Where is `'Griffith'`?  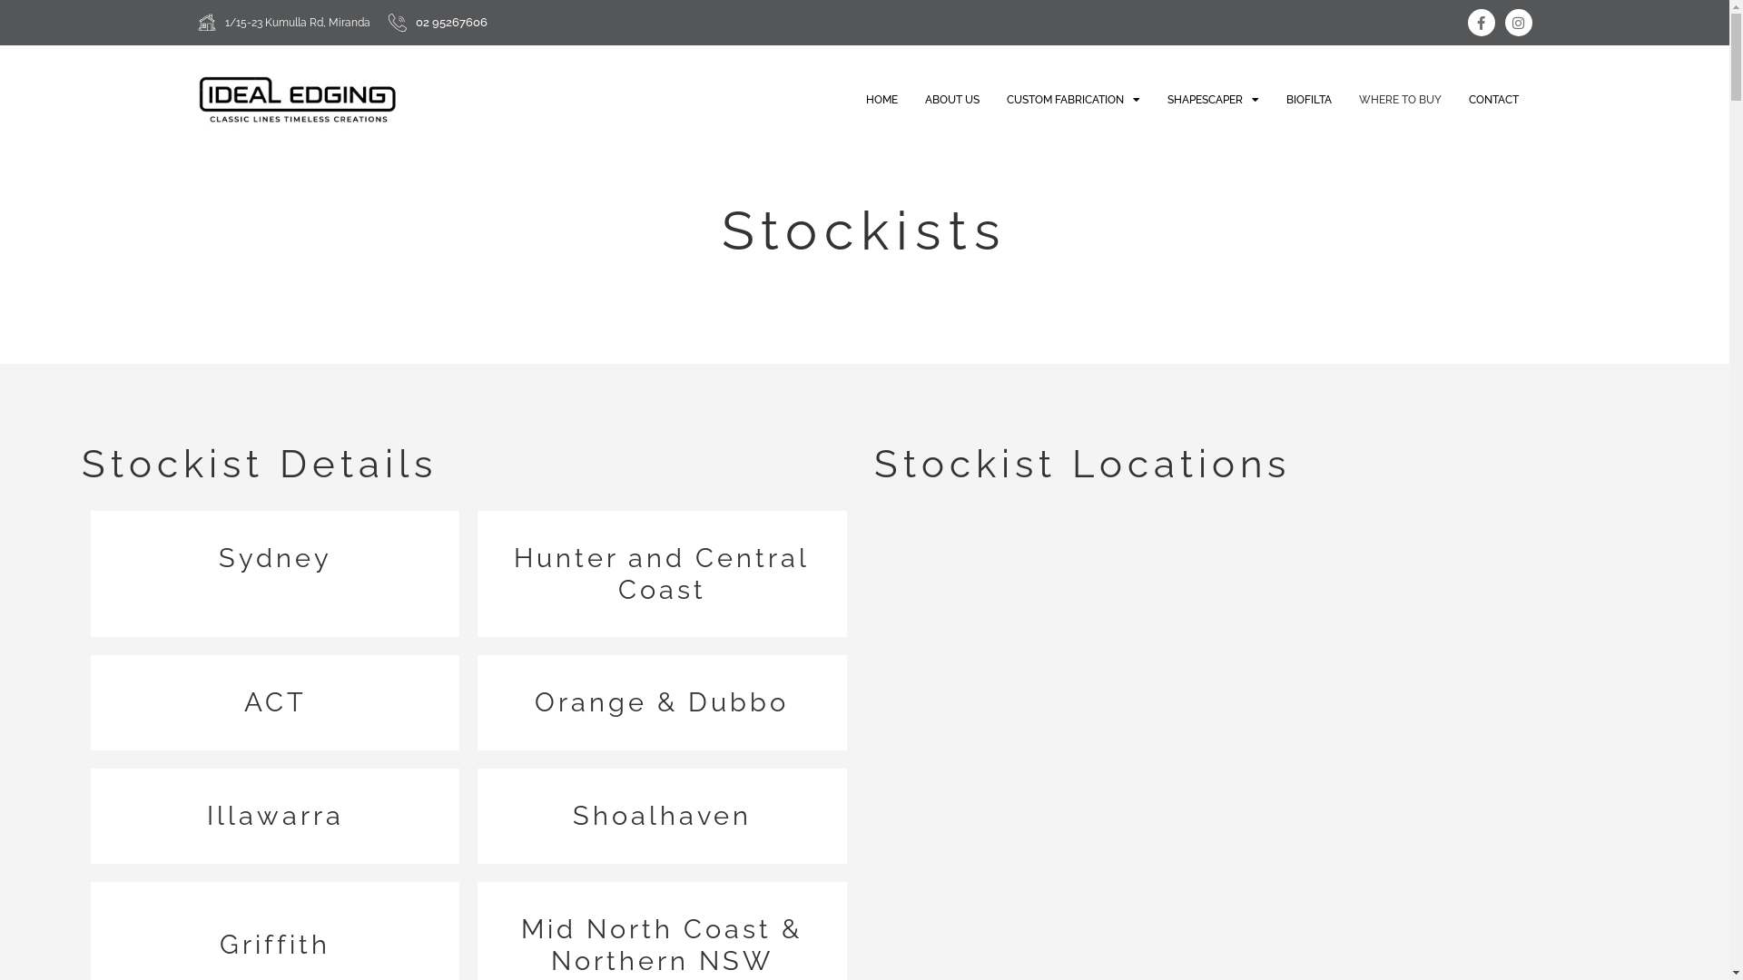 'Griffith' is located at coordinates (273, 944).